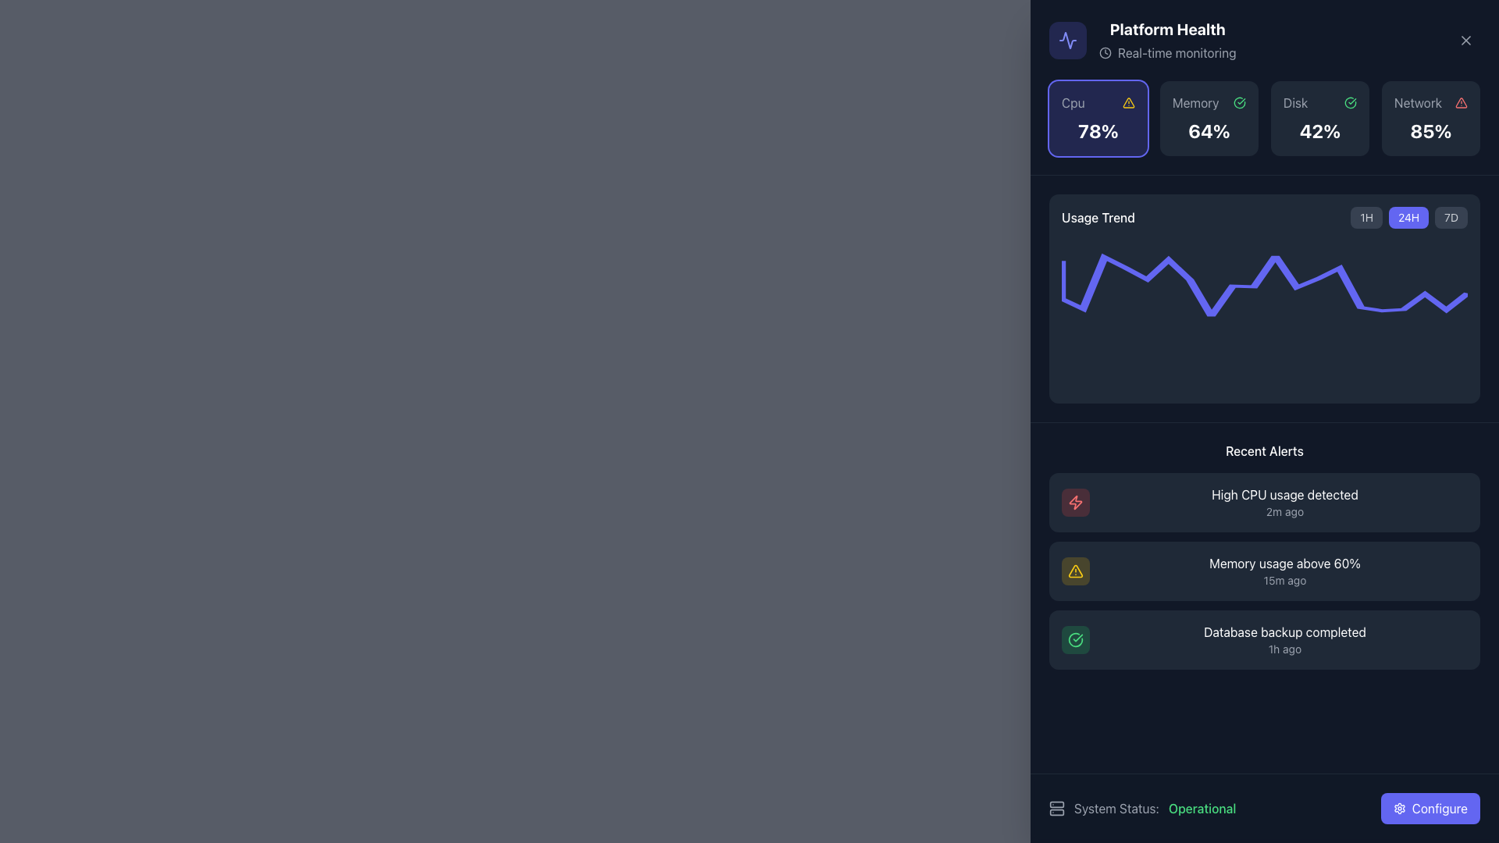 Image resolution: width=1499 pixels, height=843 pixels. Describe the element at coordinates (1074, 640) in the screenshot. I see `the circular graphical icon with an outlined shape and a checkmark symbol, located on the left side of the 'Database backup completed' text entry in the 'Recent Alerts' section` at that location.